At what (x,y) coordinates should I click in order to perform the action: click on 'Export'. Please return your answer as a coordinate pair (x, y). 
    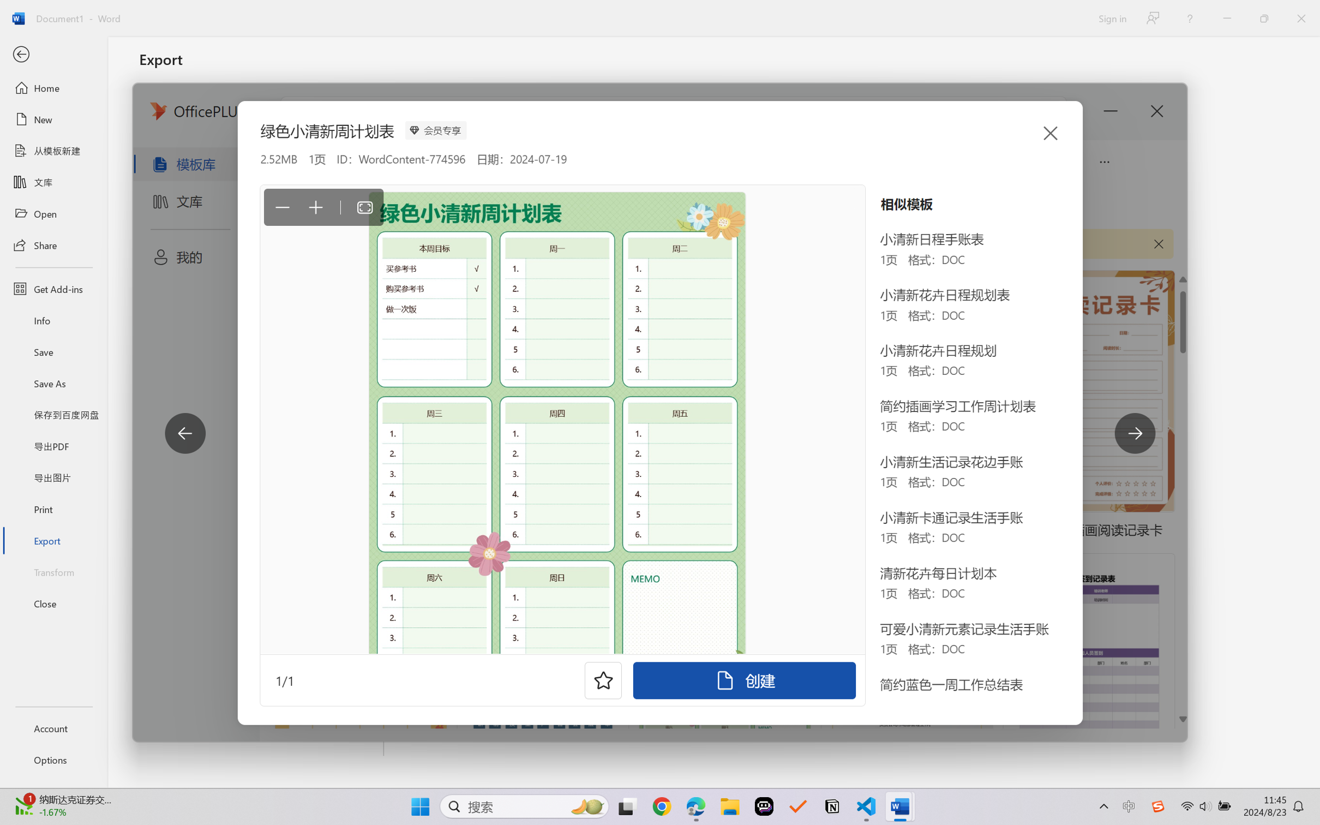
    Looking at the image, I should click on (53, 540).